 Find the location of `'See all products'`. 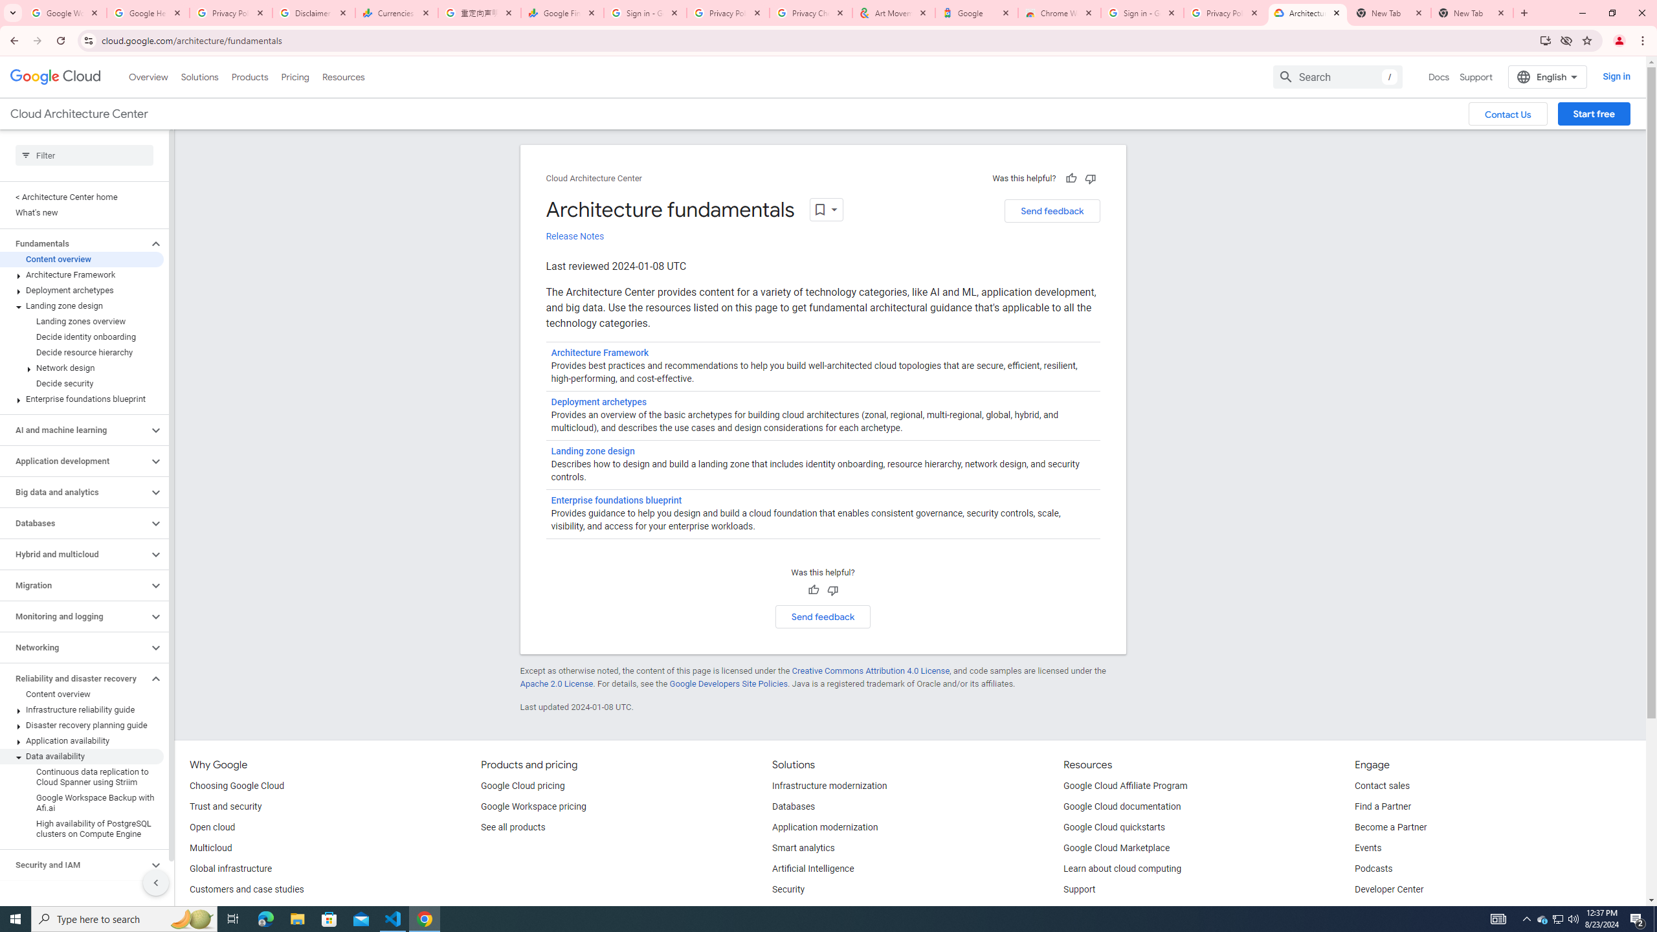

'See all products' is located at coordinates (512, 827).